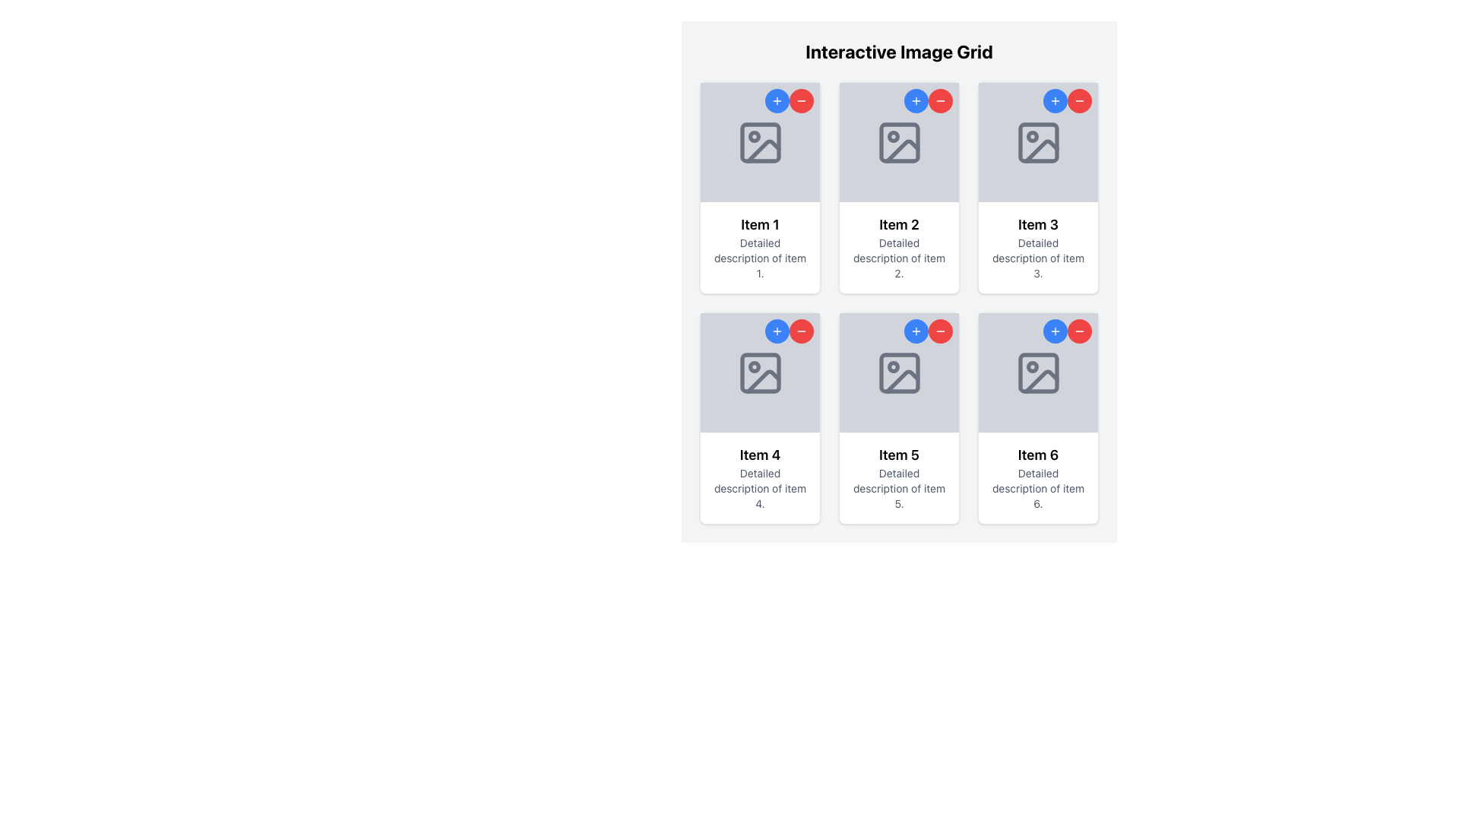  What do you see at coordinates (1037, 489) in the screenshot?
I see `the text label that reads 'Detailed description of item 6.', which is styled in gray color and located below the bold title 'Item 6'` at bounding box center [1037, 489].